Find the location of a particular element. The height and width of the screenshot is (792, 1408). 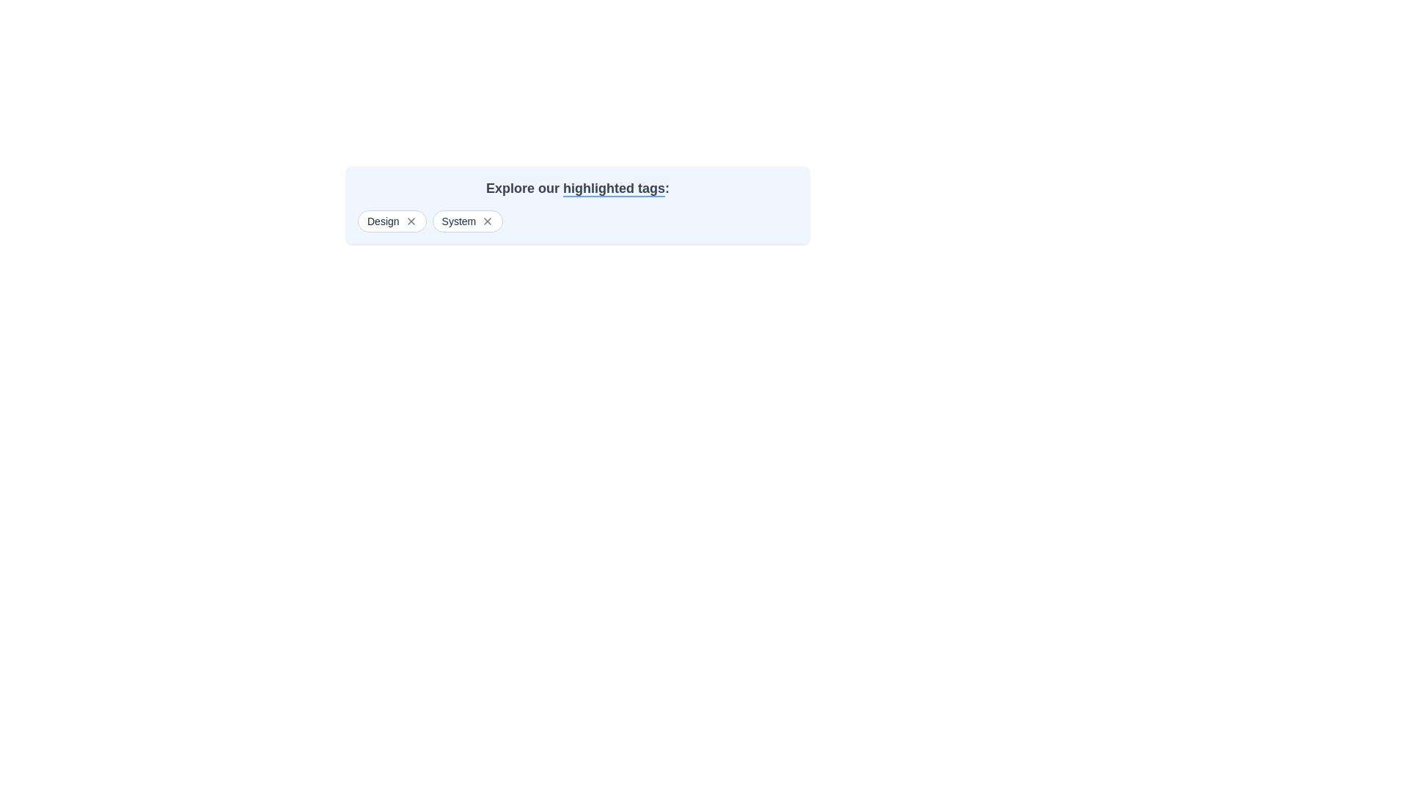

the 'X' icon button located on the right side of the 'System' button is located at coordinates (488, 221).